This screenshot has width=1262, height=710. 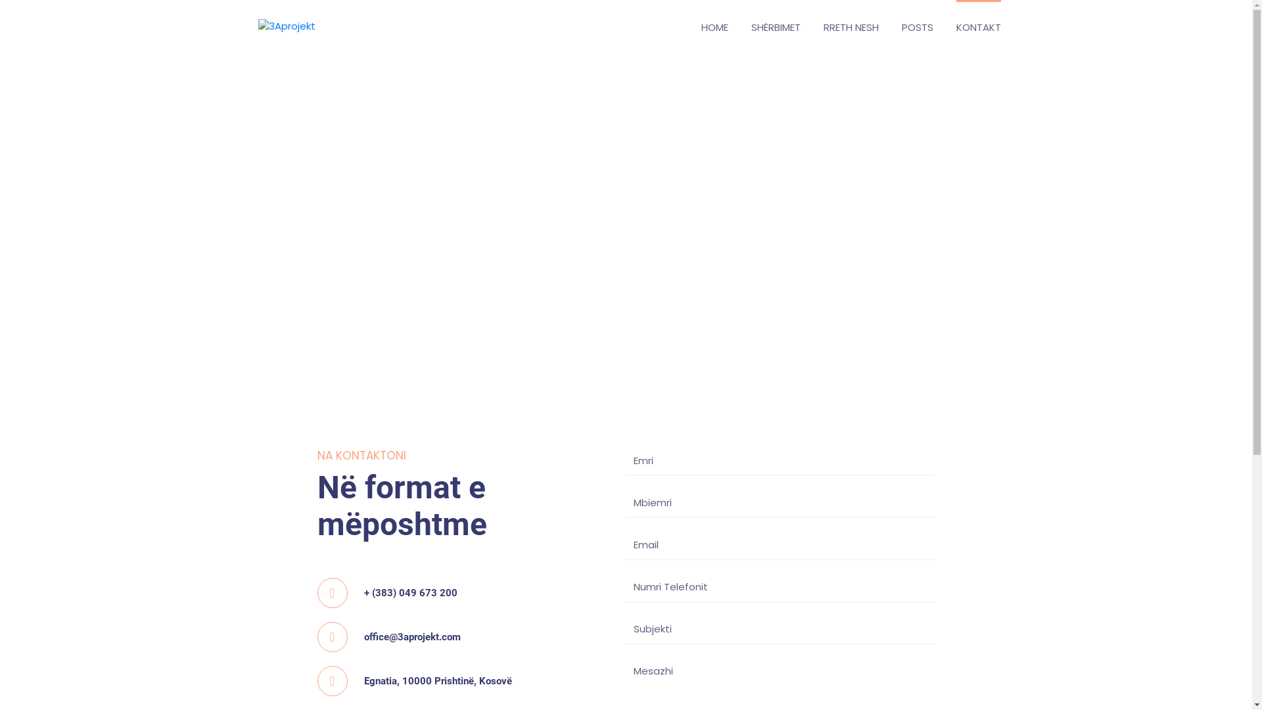 I want to click on 'POSTS', so click(x=917, y=26).